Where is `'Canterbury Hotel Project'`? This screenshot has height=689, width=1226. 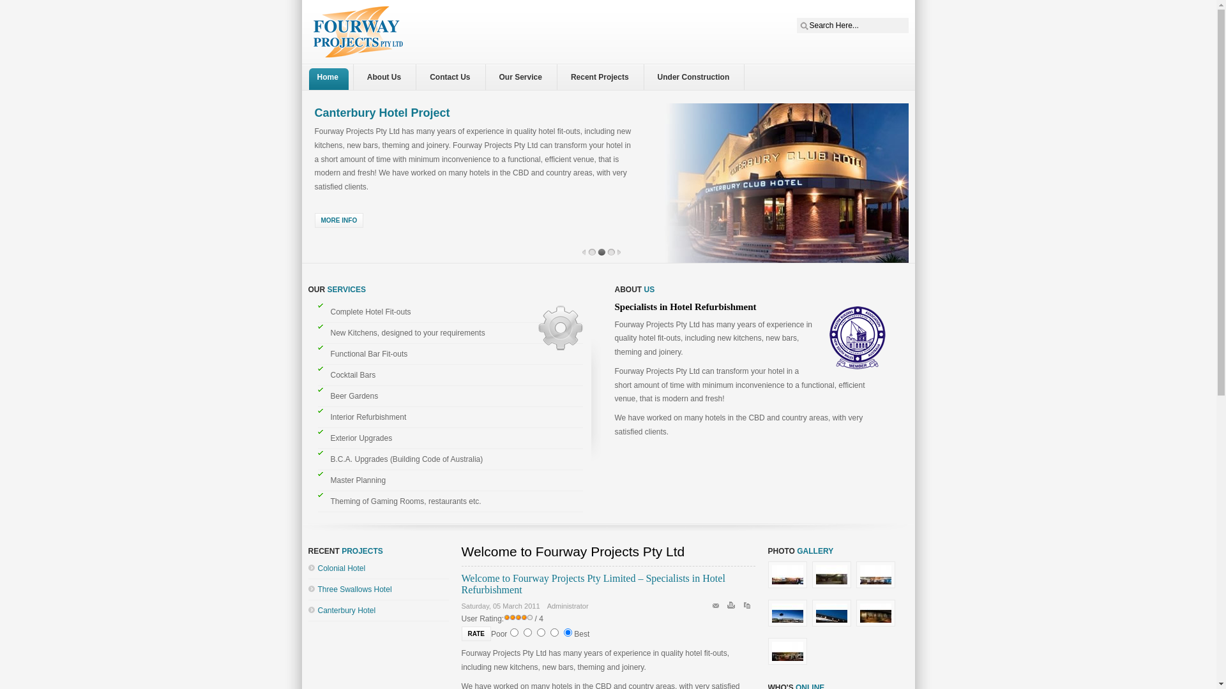
'Canterbury Hotel Project' is located at coordinates (381, 112).